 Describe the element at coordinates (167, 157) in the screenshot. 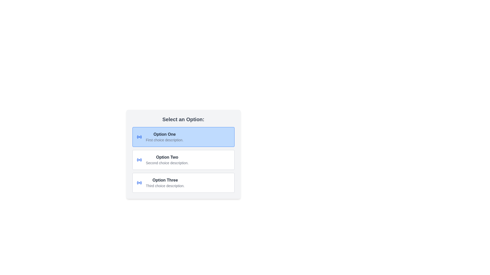

I see `the text label 'Option Two', which is the header for the second option in a vertical list of selectable choices, positioned below 'Option One' and above 'Option Three'` at that location.